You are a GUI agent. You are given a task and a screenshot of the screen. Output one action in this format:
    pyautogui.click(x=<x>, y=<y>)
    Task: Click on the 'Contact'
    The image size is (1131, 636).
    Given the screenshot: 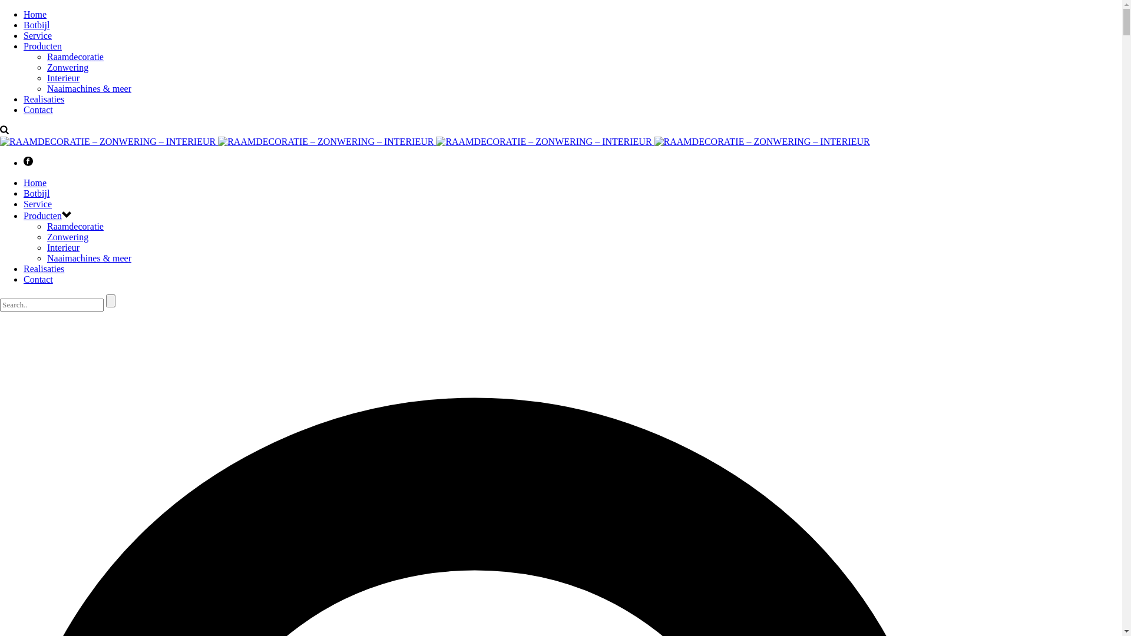 What is the action you would take?
    pyautogui.click(x=38, y=279)
    